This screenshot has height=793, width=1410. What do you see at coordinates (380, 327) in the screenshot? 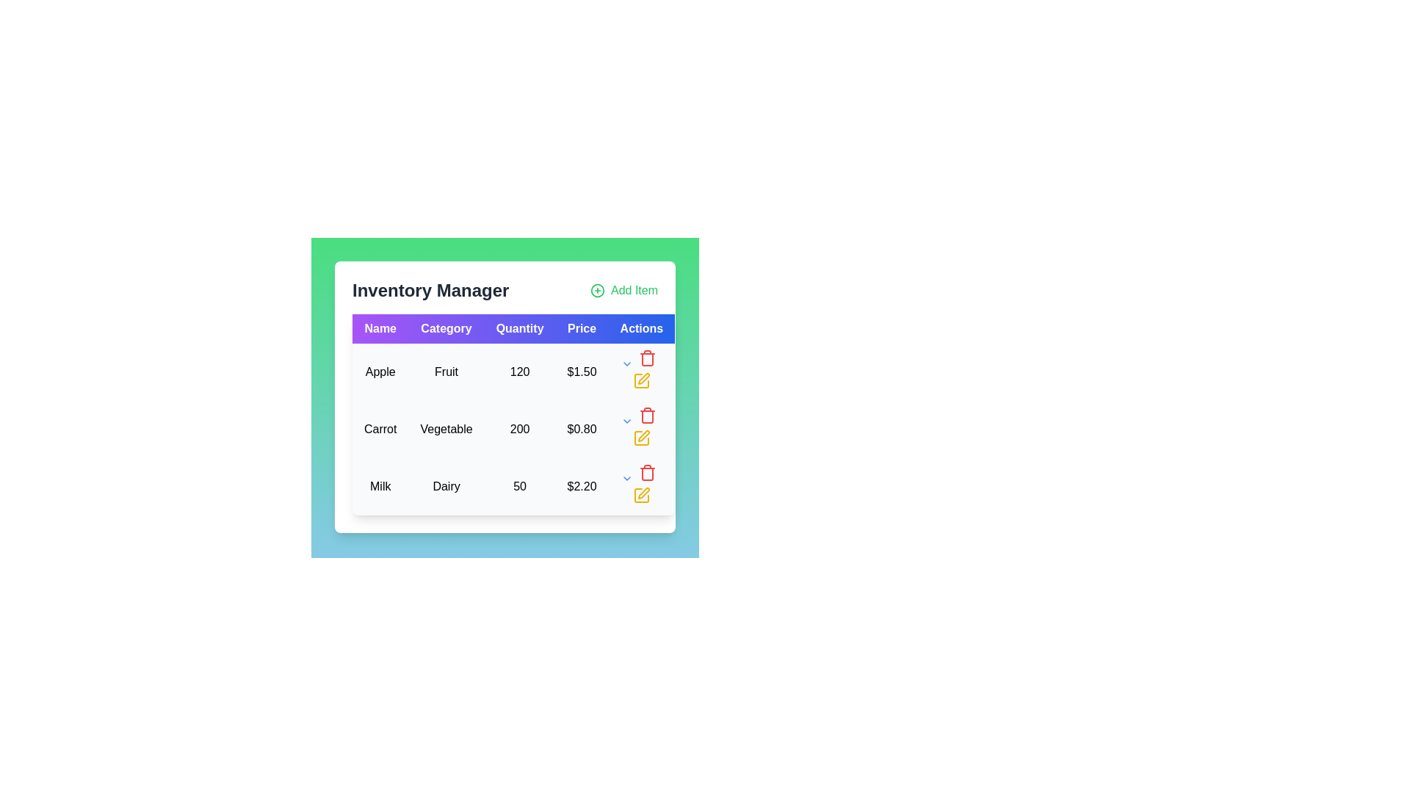
I see `the text label 'Name' which is the first column header in a table-like structure with a purple background` at bounding box center [380, 327].